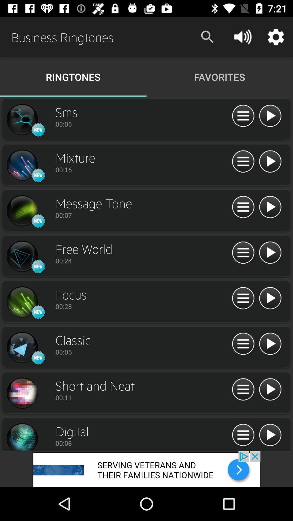 The height and width of the screenshot is (521, 293). What do you see at coordinates (22, 119) in the screenshot?
I see `see larger image` at bounding box center [22, 119].